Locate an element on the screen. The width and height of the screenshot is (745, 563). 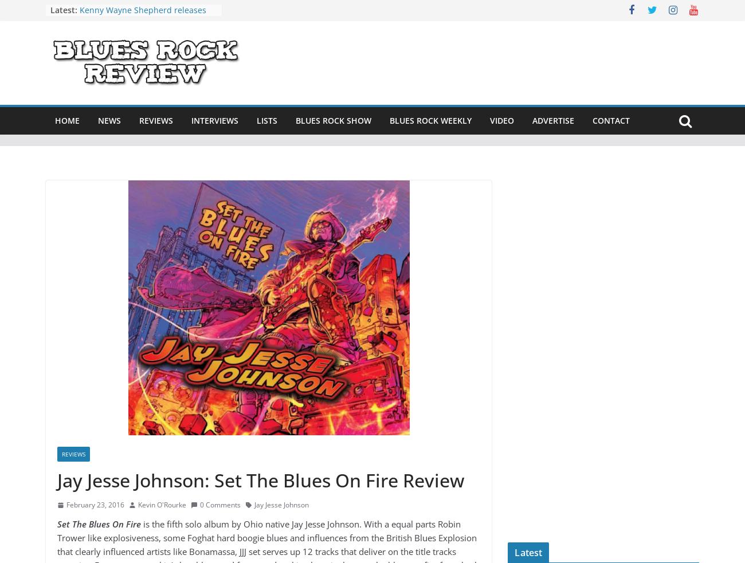
'Honey Island Swamp Band: Custom Deluxe Review' is located at coordinates (147, 61).